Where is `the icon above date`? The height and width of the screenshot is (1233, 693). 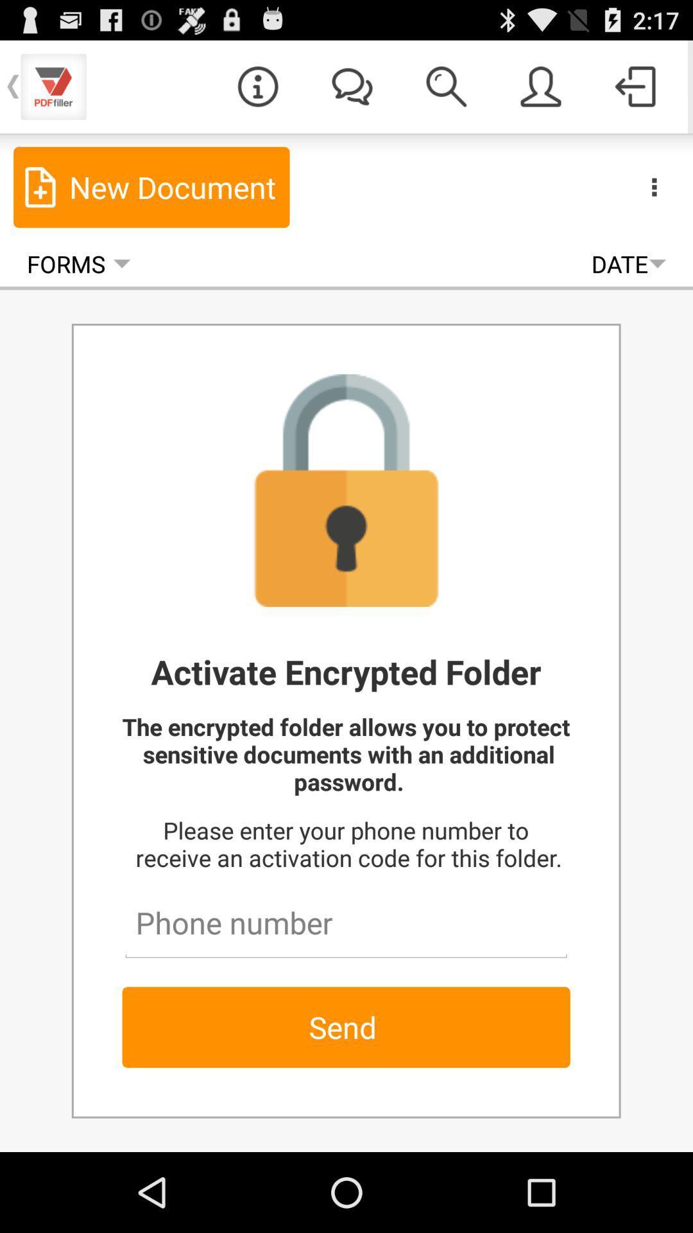
the icon above date is located at coordinates (654, 186).